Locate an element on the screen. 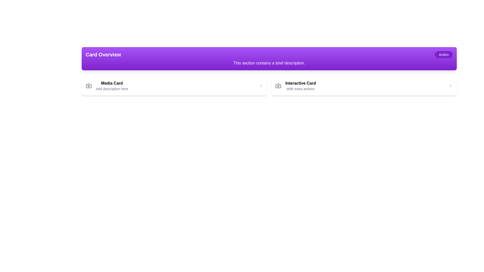  the static text display prompting for a description in the 'Media Card' section, located below the title 'Media Card' is located at coordinates (112, 89).